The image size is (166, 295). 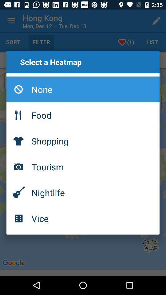 What do you see at coordinates (83, 115) in the screenshot?
I see `food` at bounding box center [83, 115].